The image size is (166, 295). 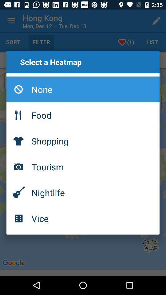 What do you see at coordinates (83, 115) in the screenshot?
I see `food` at bounding box center [83, 115].